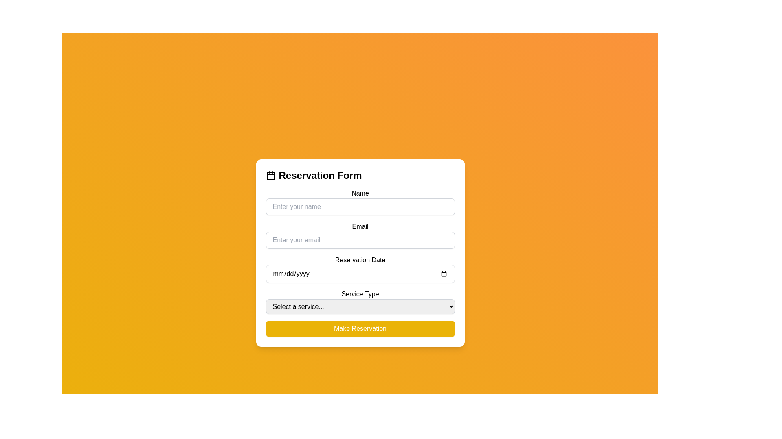 Image resolution: width=782 pixels, height=439 pixels. What do you see at coordinates (360, 301) in the screenshot?
I see `an option from the dropdown menu located in the fourth row of the form, directly beneath the 'Reservation Date' field and above the 'Make Reservation' button` at bounding box center [360, 301].